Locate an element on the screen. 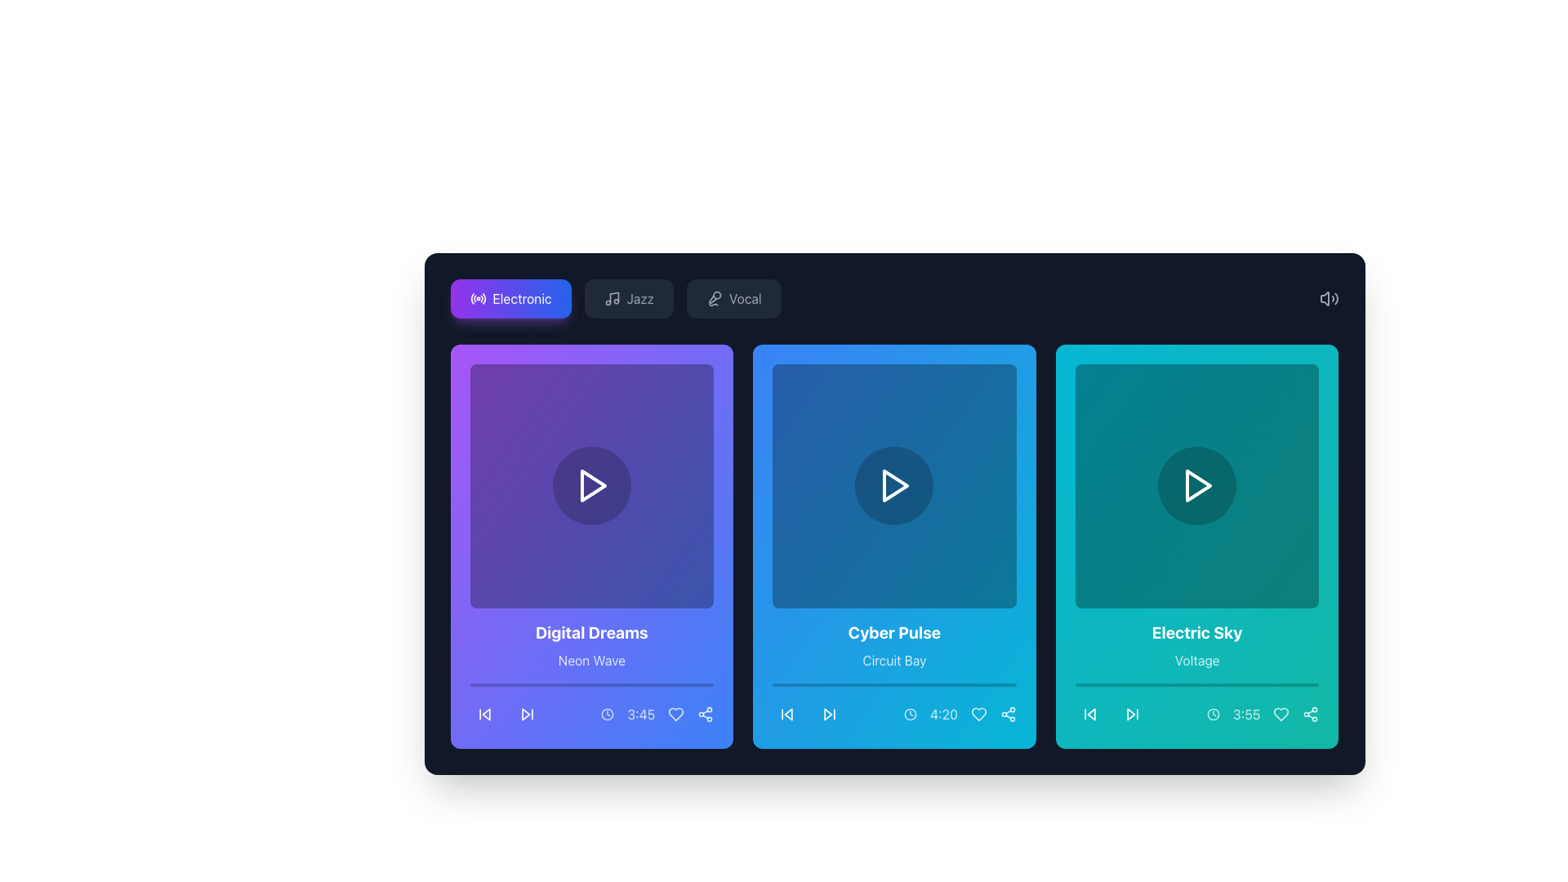  the music card titled 'Electric Sky' with a circular play button is located at coordinates (1197, 546).